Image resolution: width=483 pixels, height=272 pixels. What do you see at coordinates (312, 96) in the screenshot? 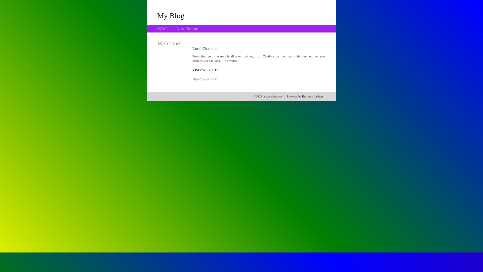
I see `'Business Listings'` at bounding box center [312, 96].